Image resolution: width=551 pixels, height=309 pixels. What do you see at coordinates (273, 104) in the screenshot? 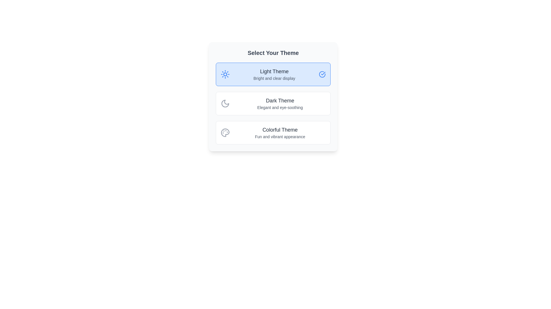
I see `to select the 'Dark Theme' card, which features a moon icon on the left and includes the title 'Dark Theme' in bold with a description 'Elegant and eye-soothing' below` at bounding box center [273, 104].